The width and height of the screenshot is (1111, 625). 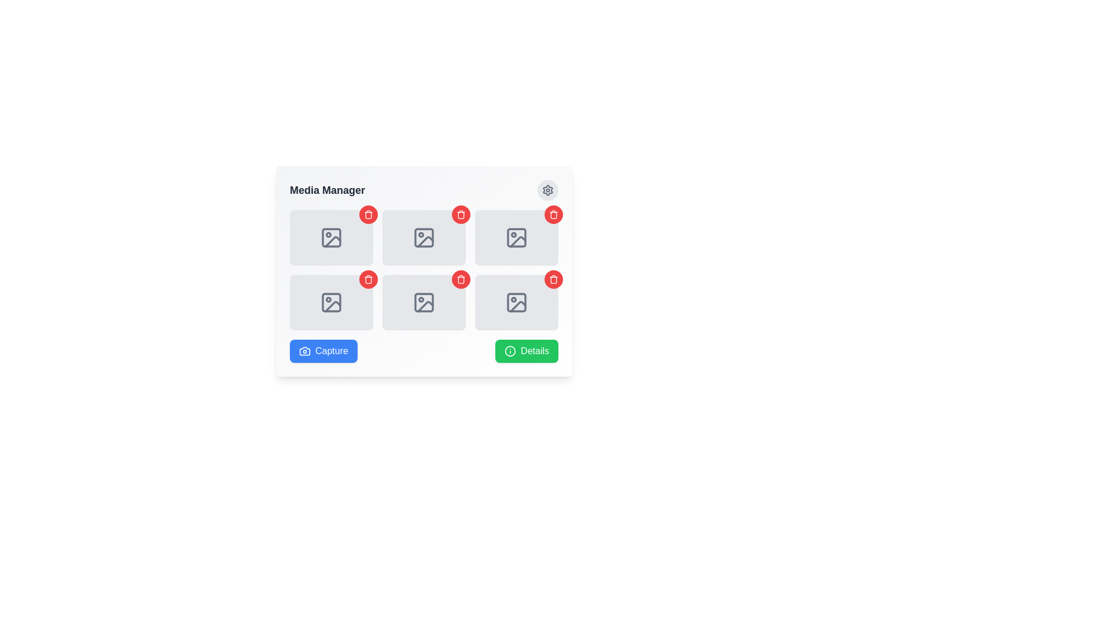 I want to click on the Image Placeholder with Action Icon, which is a gray box with rounded corners containing an image icon and a red circular badge with a trash can icon in the top-right corner, so click(x=516, y=237).